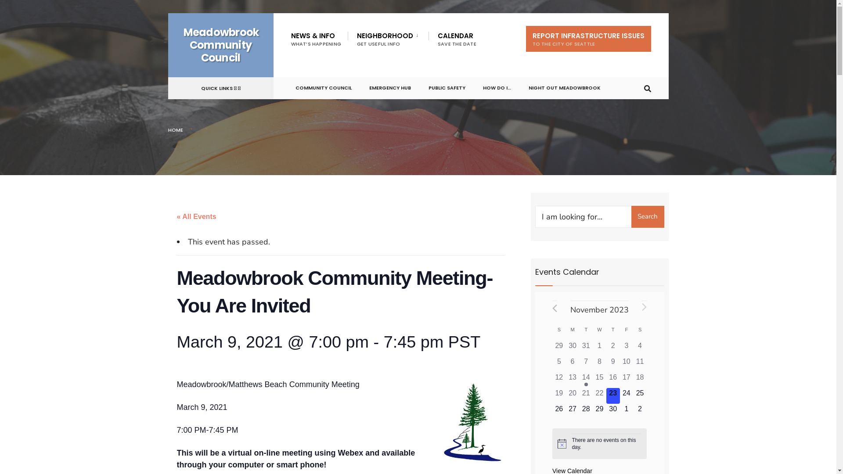 Image resolution: width=843 pixels, height=474 pixels. Describe the element at coordinates (457, 38) in the screenshot. I see `'CALENDAR` at that location.